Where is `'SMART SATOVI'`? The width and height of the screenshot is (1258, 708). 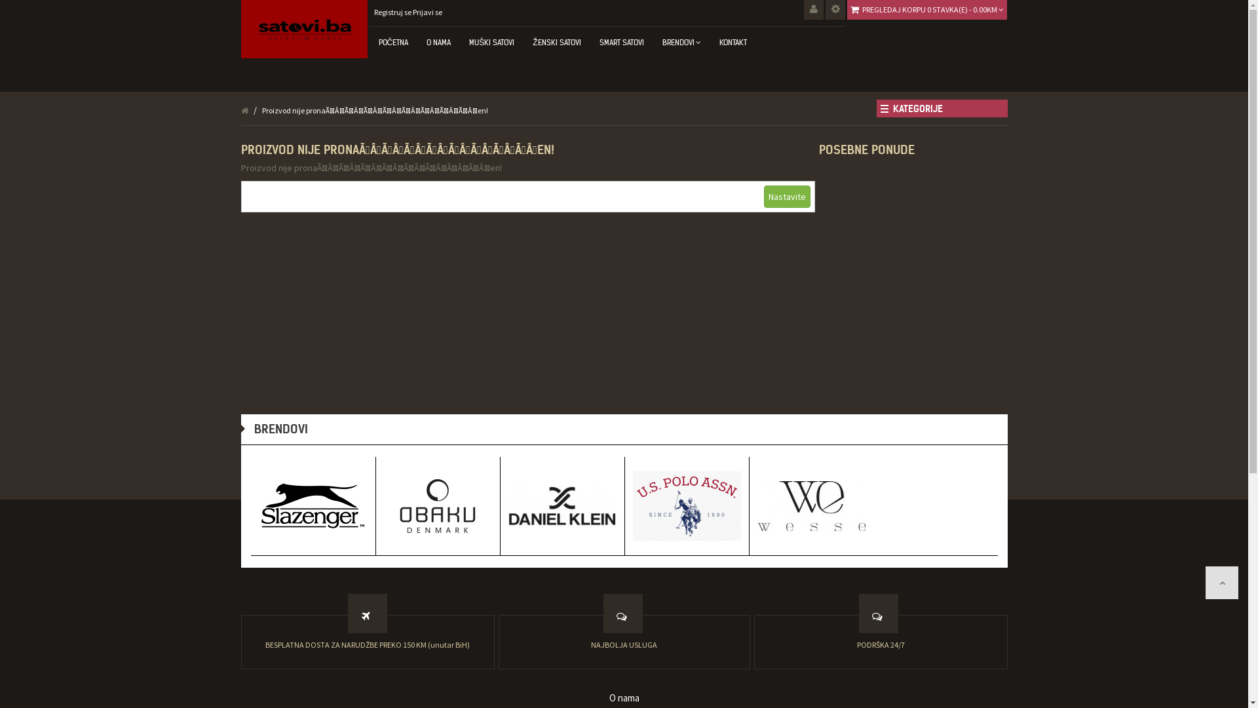
'SMART SATOVI' is located at coordinates (621, 42).